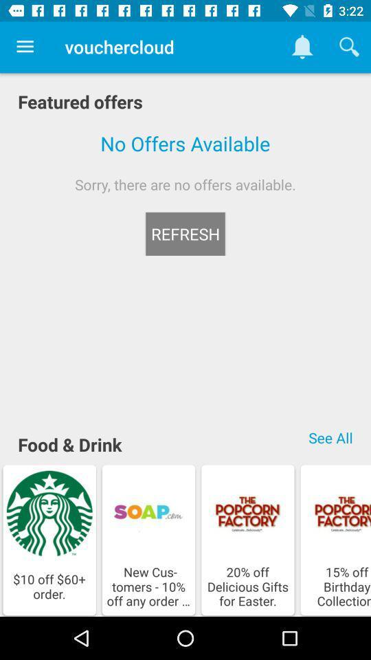 The image size is (371, 660). What do you see at coordinates (330, 437) in the screenshot?
I see `item on the right` at bounding box center [330, 437].